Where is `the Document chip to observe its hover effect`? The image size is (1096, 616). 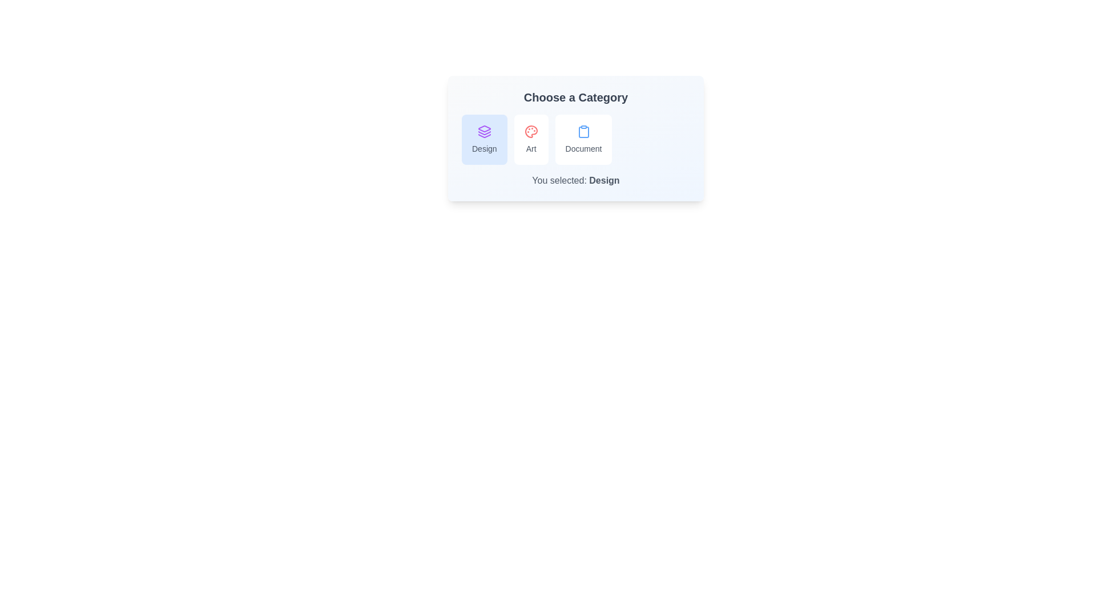
the Document chip to observe its hover effect is located at coordinates (583, 139).